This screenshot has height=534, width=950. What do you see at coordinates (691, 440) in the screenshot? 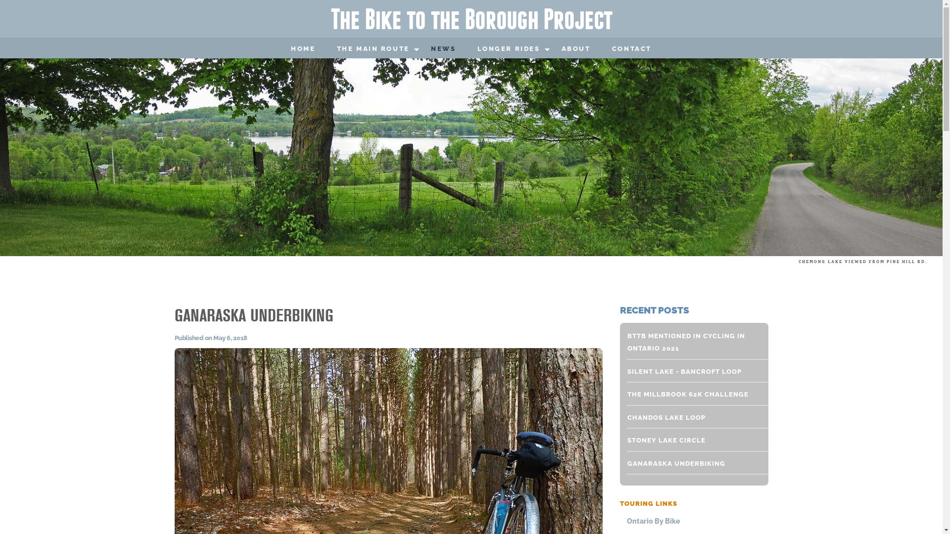
I see `'STONEY LAKE CIRCLE'` at bounding box center [691, 440].